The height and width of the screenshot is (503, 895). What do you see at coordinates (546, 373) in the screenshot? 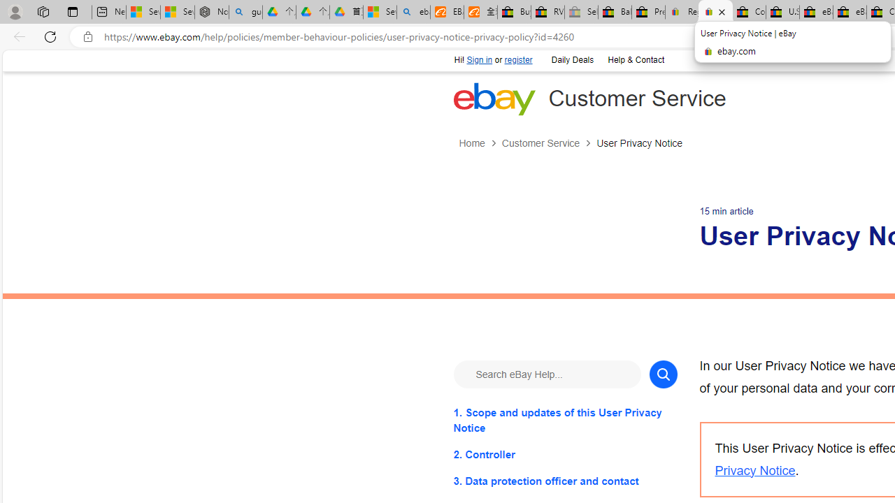
I see `'Search eBay Help...'` at bounding box center [546, 373].